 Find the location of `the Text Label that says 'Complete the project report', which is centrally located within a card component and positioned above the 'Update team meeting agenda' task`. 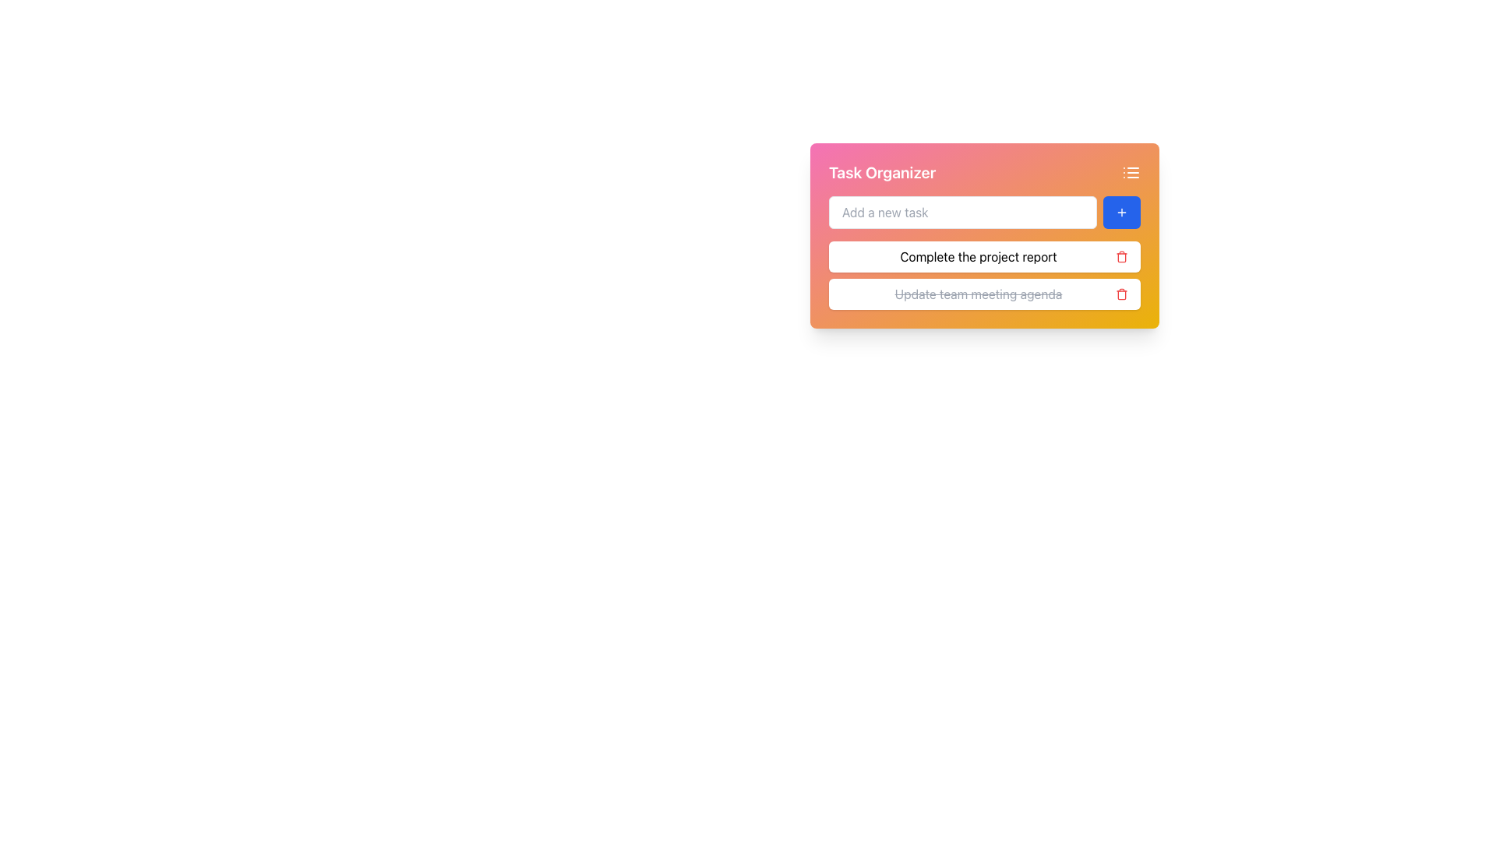

the Text Label that says 'Complete the project report', which is centrally located within a card component and positioned above the 'Update team meeting agenda' task is located at coordinates (978, 256).